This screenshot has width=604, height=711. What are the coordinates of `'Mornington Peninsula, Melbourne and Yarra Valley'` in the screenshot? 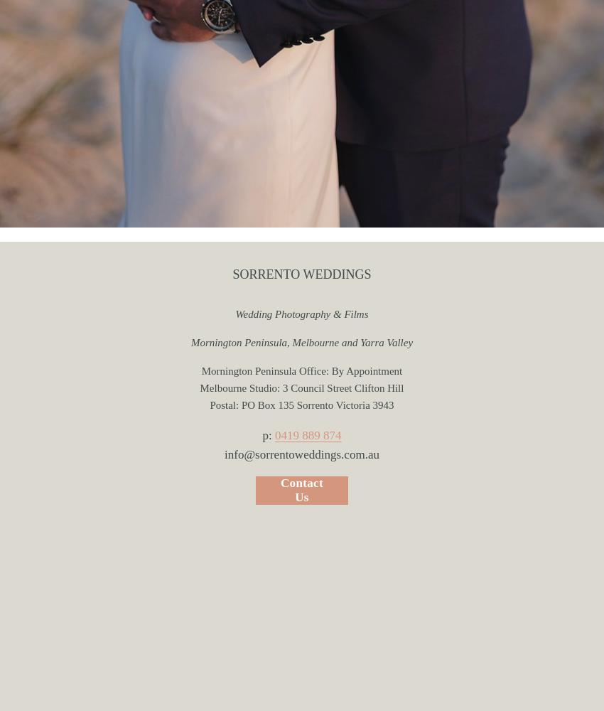 It's located at (301, 342).